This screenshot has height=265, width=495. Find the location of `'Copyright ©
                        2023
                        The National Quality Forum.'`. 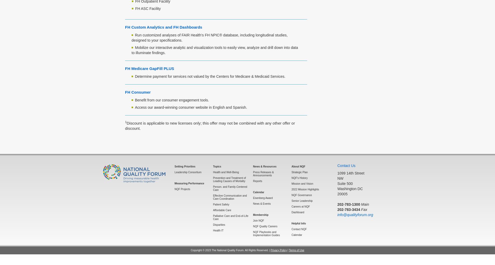

'Copyright ©
                        2023
                        The National Quality Forum.' is located at coordinates (217, 250).